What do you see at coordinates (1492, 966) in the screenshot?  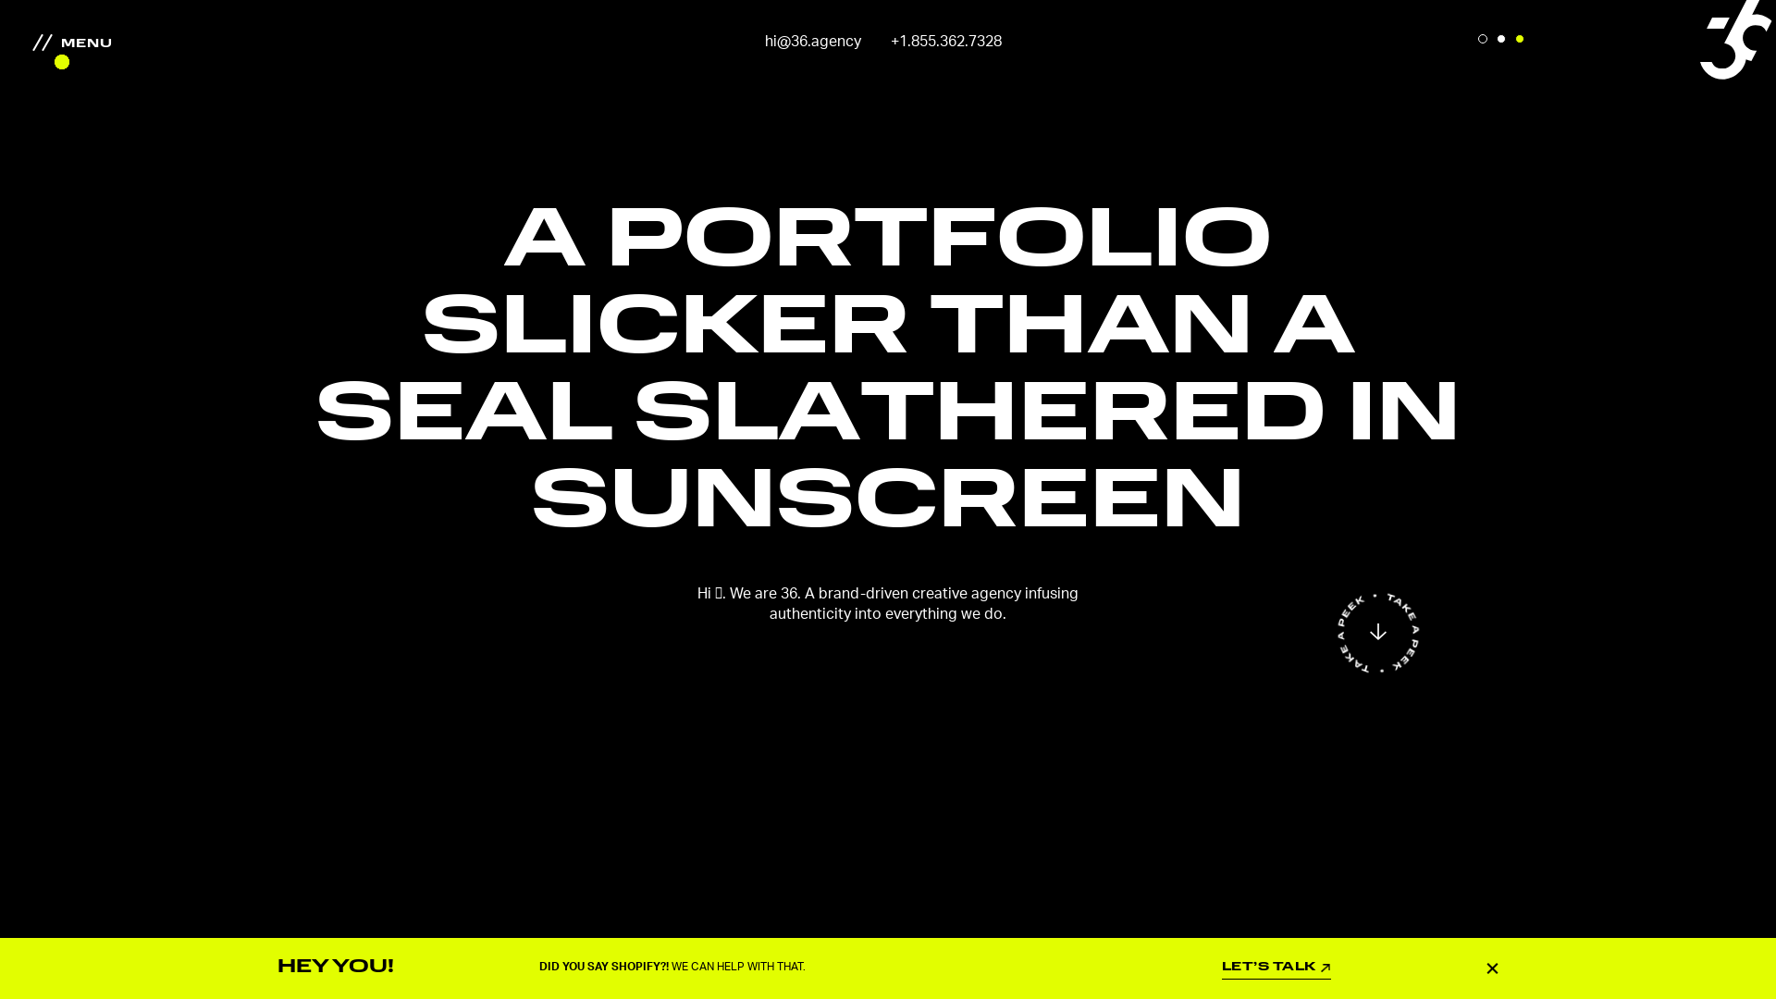 I see `'Close'` at bounding box center [1492, 966].